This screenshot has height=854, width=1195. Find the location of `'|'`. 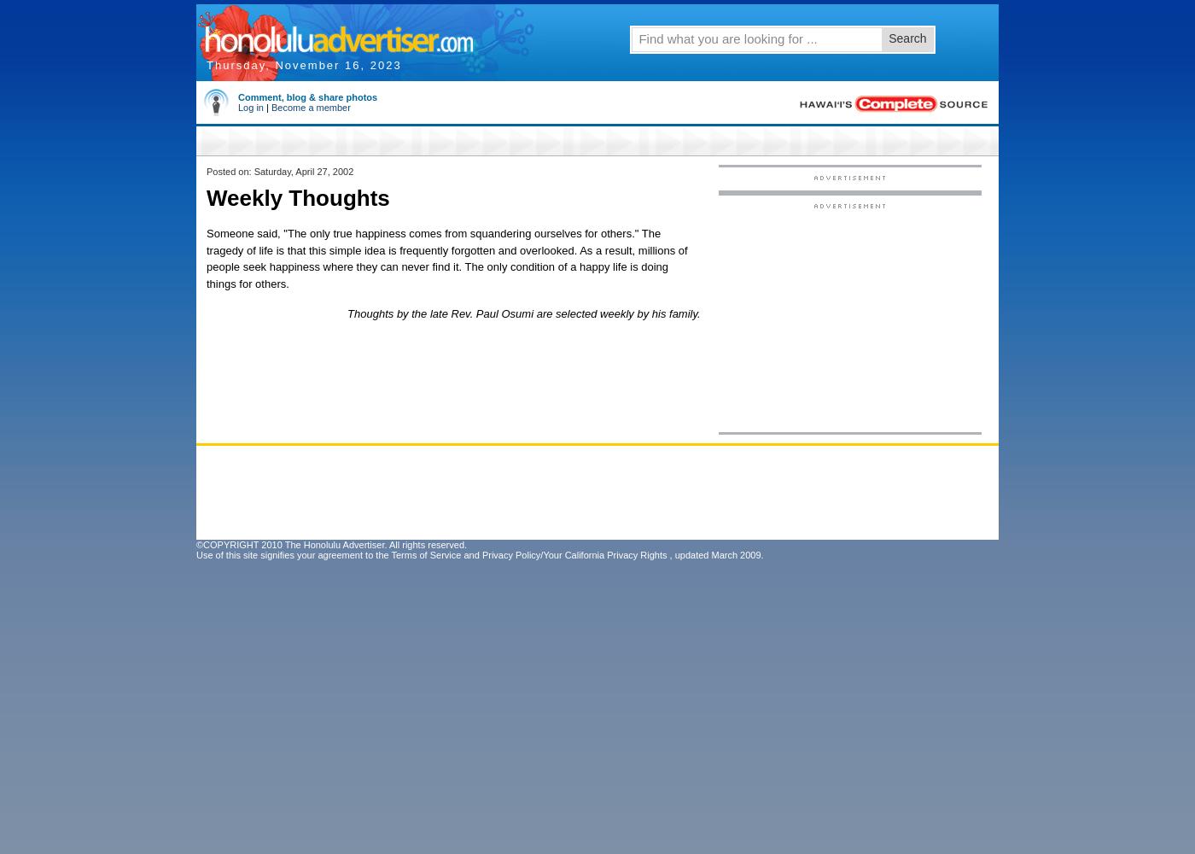

'|' is located at coordinates (266, 108).